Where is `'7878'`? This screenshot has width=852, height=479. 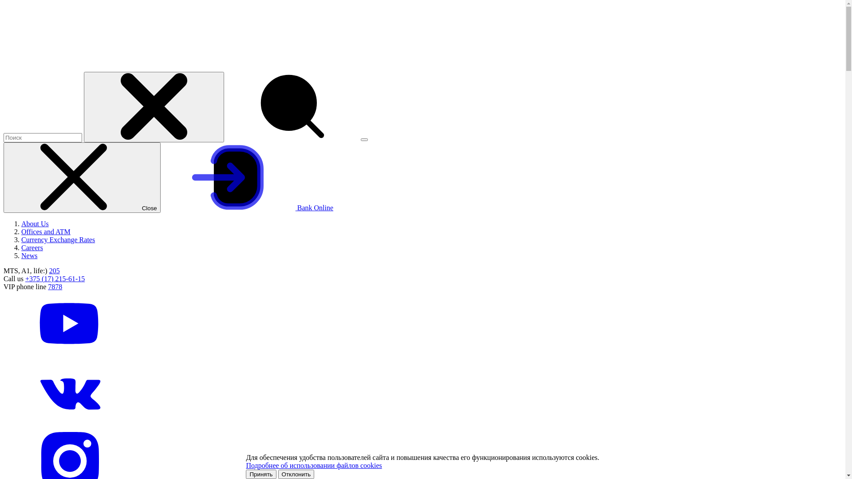
'7878' is located at coordinates (55, 287).